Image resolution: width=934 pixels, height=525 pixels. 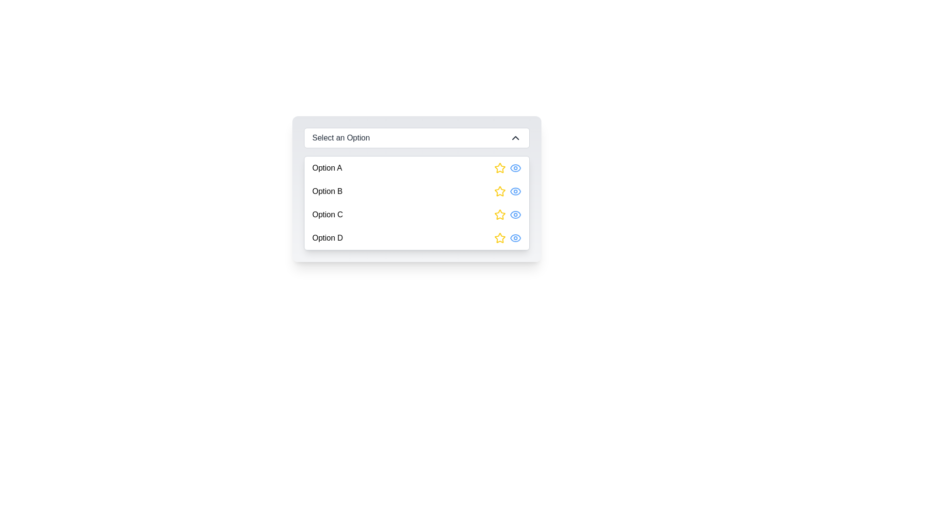 I want to click on the yellow star icon with a hollow center, located next to 'Option B', so click(x=500, y=191).